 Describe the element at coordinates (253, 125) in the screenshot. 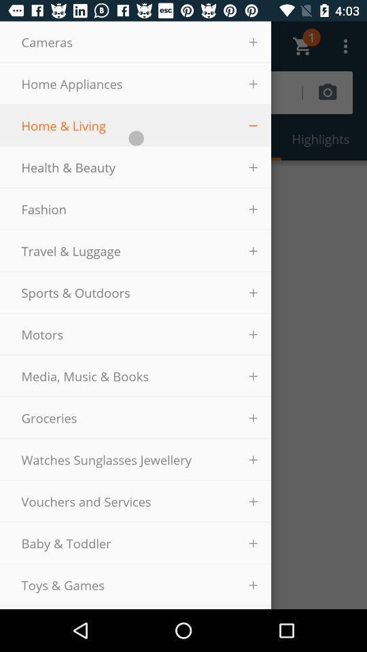

I see `the  button` at that location.